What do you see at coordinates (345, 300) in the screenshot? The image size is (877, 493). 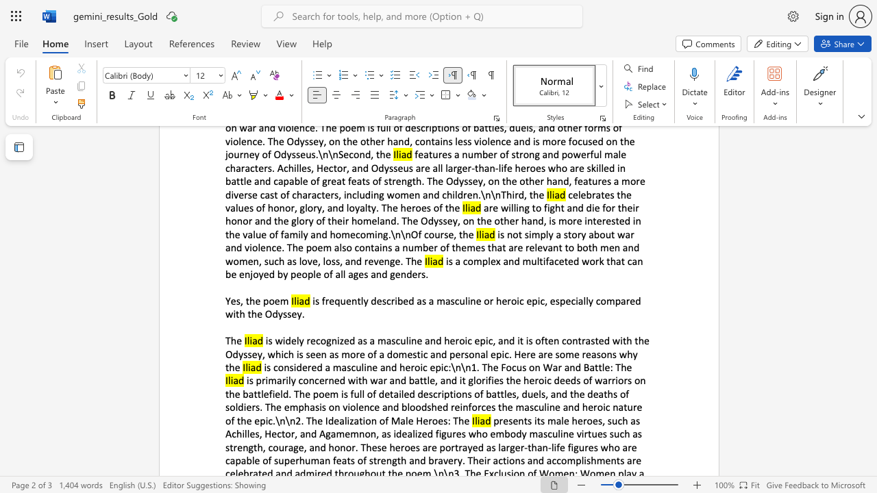 I see `the subset text "ently described as a masculine or heroic epic, especially co" within the text "is frequently described as a masculine or heroic epic, especially compared with the Odyssey."` at bounding box center [345, 300].